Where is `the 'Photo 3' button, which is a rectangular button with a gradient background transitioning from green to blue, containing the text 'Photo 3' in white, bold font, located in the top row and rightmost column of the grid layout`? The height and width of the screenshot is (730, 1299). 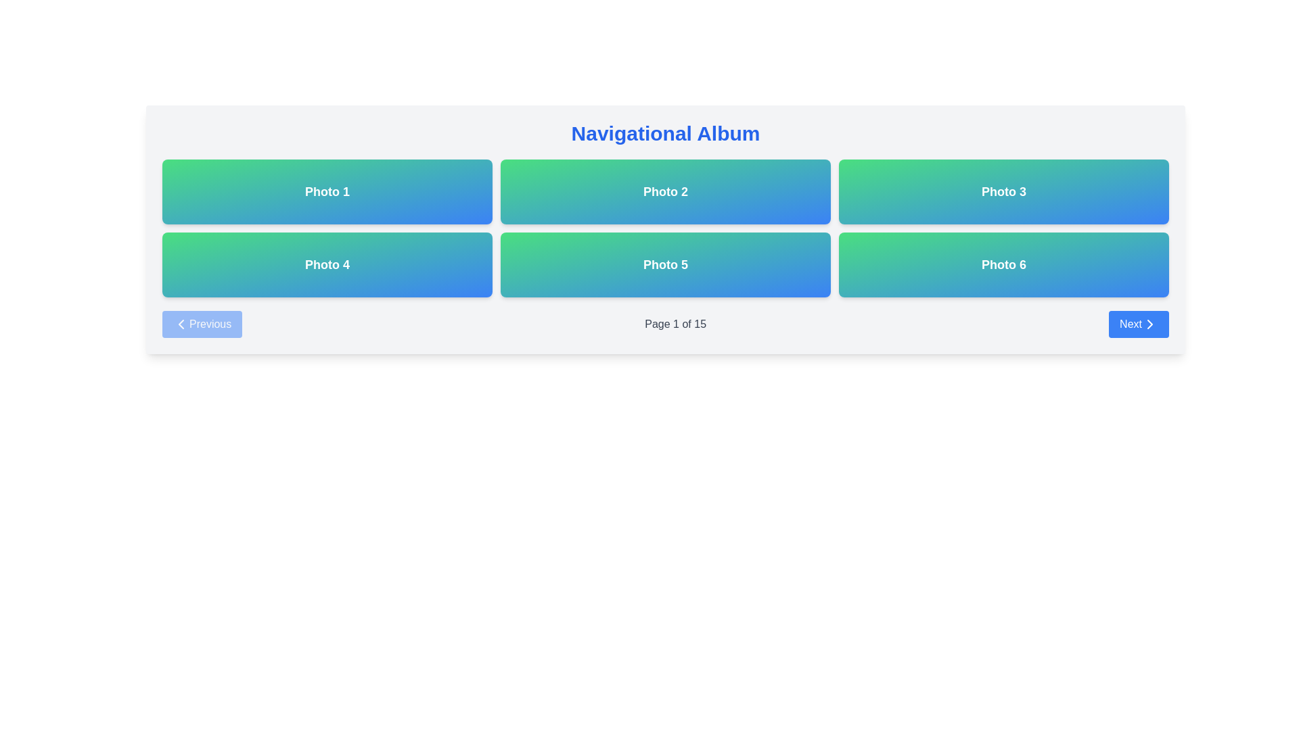 the 'Photo 3' button, which is a rectangular button with a gradient background transitioning from green to blue, containing the text 'Photo 3' in white, bold font, located in the top row and rightmost column of the grid layout is located at coordinates (1003, 192).